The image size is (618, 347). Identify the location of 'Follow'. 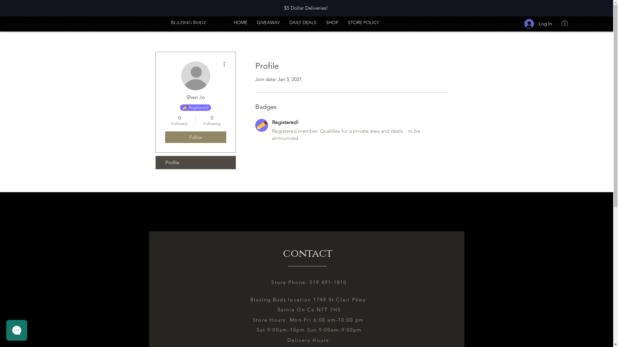
(195, 137).